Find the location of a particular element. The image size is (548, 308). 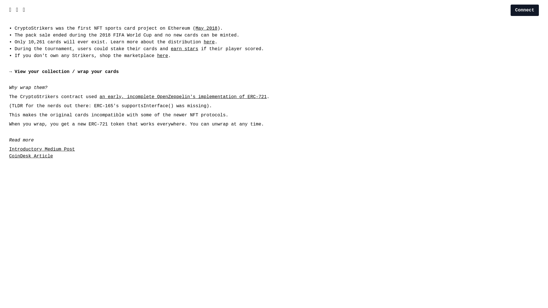

'May 2018' is located at coordinates (196, 29).